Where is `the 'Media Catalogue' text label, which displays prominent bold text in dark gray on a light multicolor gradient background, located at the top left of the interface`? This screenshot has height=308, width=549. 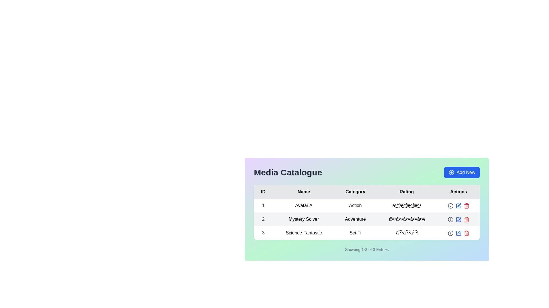
the 'Media Catalogue' text label, which displays prominent bold text in dark gray on a light multicolor gradient background, located at the top left of the interface is located at coordinates (288, 172).